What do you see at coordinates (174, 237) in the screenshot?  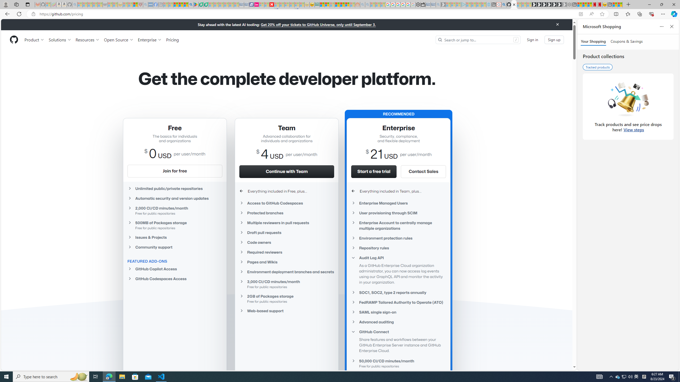 I see `'Issues & Projects'` at bounding box center [174, 237].